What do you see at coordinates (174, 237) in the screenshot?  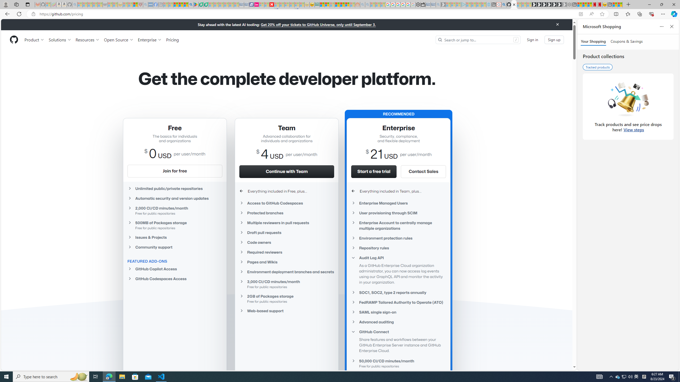 I see `'Issues & Projects'` at bounding box center [174, 237].